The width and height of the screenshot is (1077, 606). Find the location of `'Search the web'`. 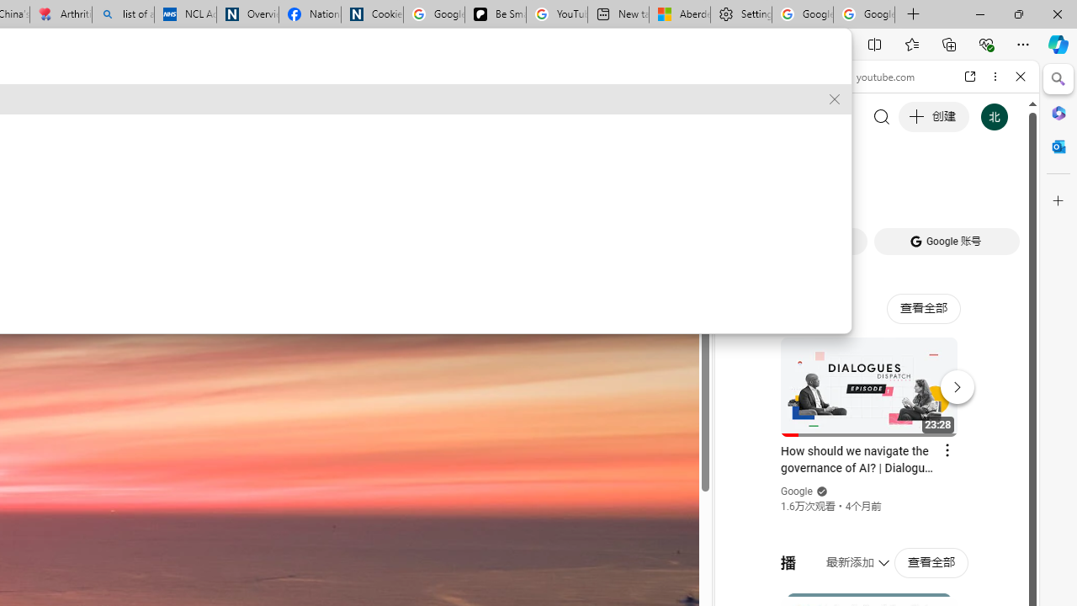

'Search the web' is located at coordinates (884, 115).